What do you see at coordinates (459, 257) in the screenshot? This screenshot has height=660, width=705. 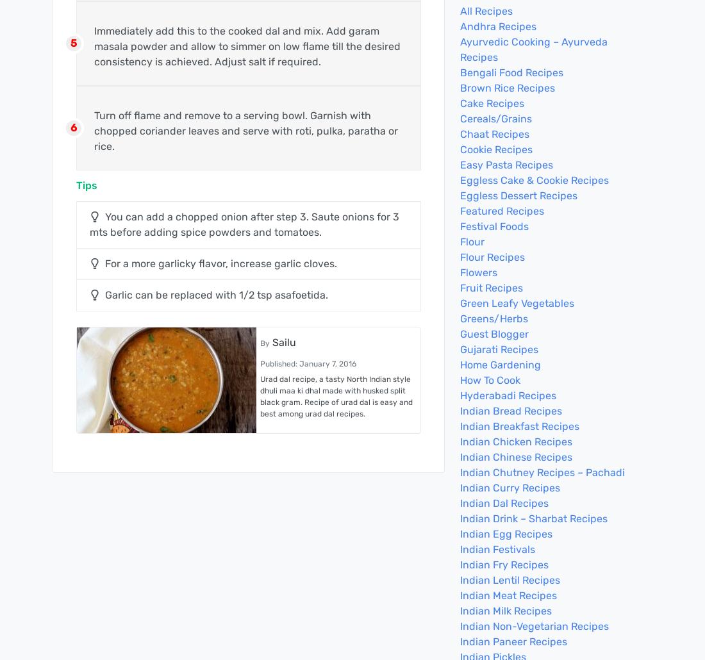 I see `'Flour Recipes'` at bounding box center [459, 257].